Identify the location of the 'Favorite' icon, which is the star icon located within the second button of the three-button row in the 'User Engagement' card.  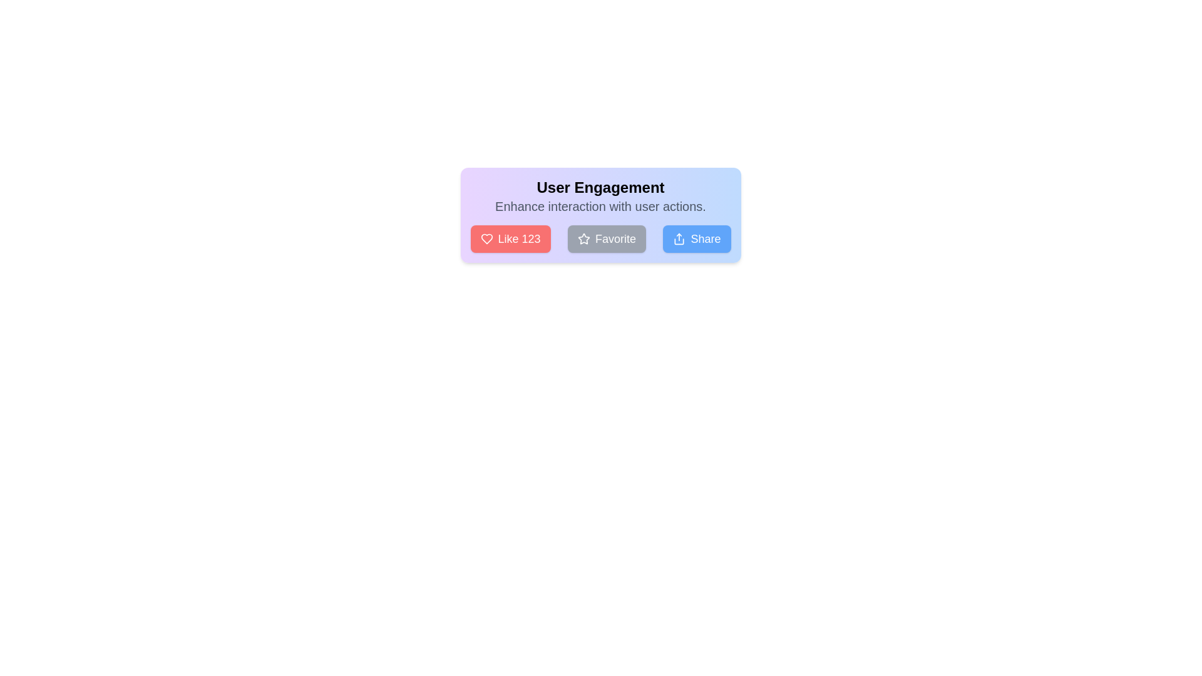
(583, 238).